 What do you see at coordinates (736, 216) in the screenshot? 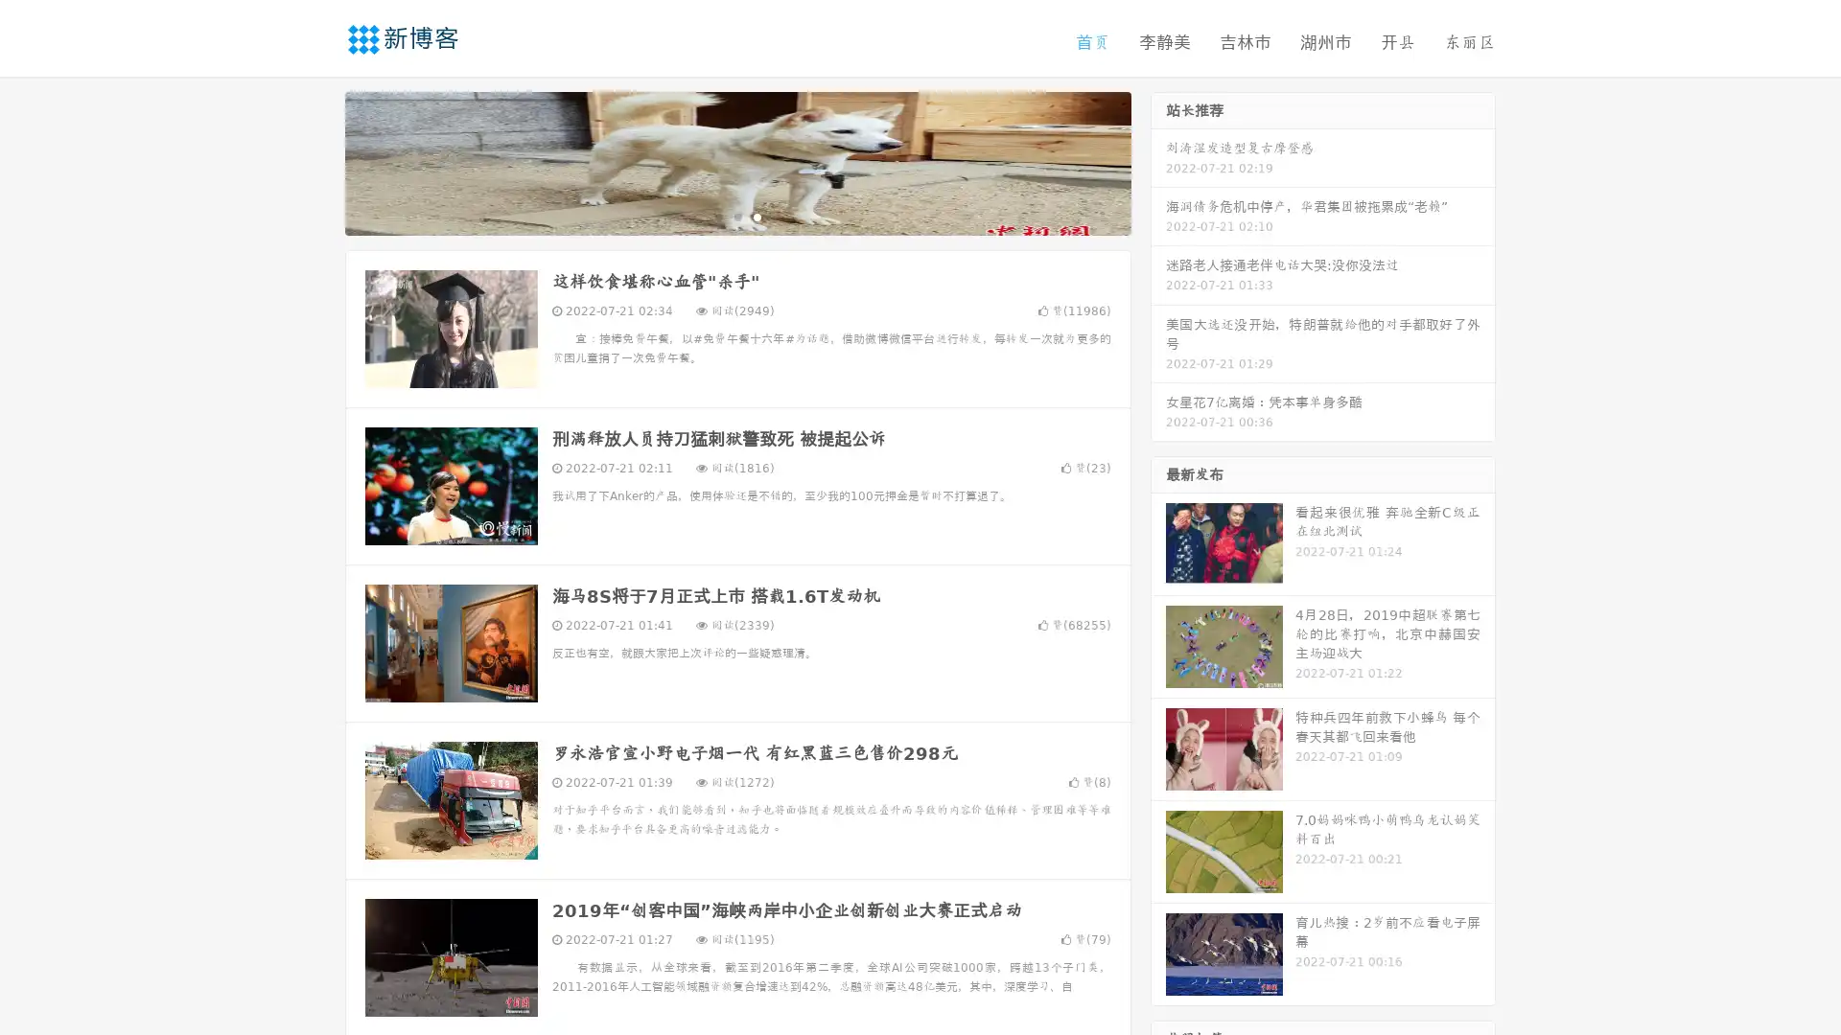
I see `Go to slide 2` at bounding box center [736, 216].